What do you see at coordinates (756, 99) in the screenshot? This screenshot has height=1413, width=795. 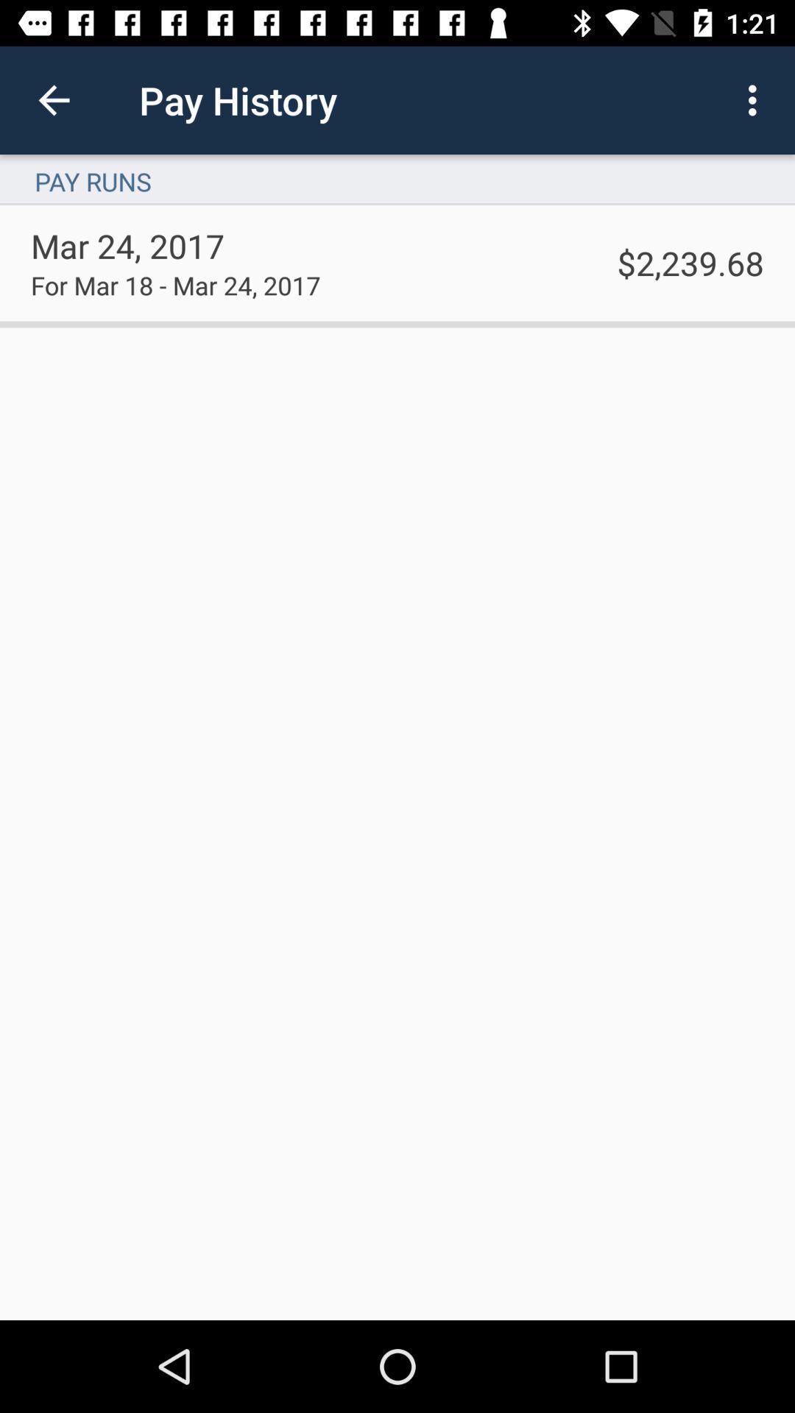 I see `the item to the right of pay history icon` at bounding box center [756, 99].